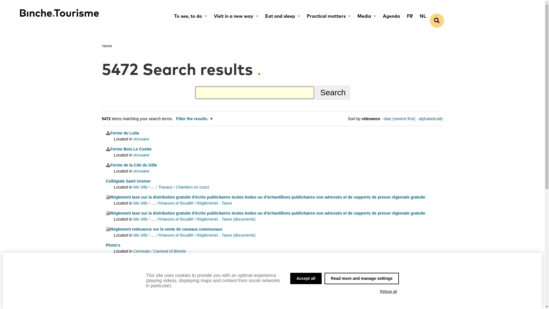 The image size is (549, 309). What do you see at coordinates (141, 251) in the screenshot?
I see `'Carnivals'` at bounding box center [141, 251].